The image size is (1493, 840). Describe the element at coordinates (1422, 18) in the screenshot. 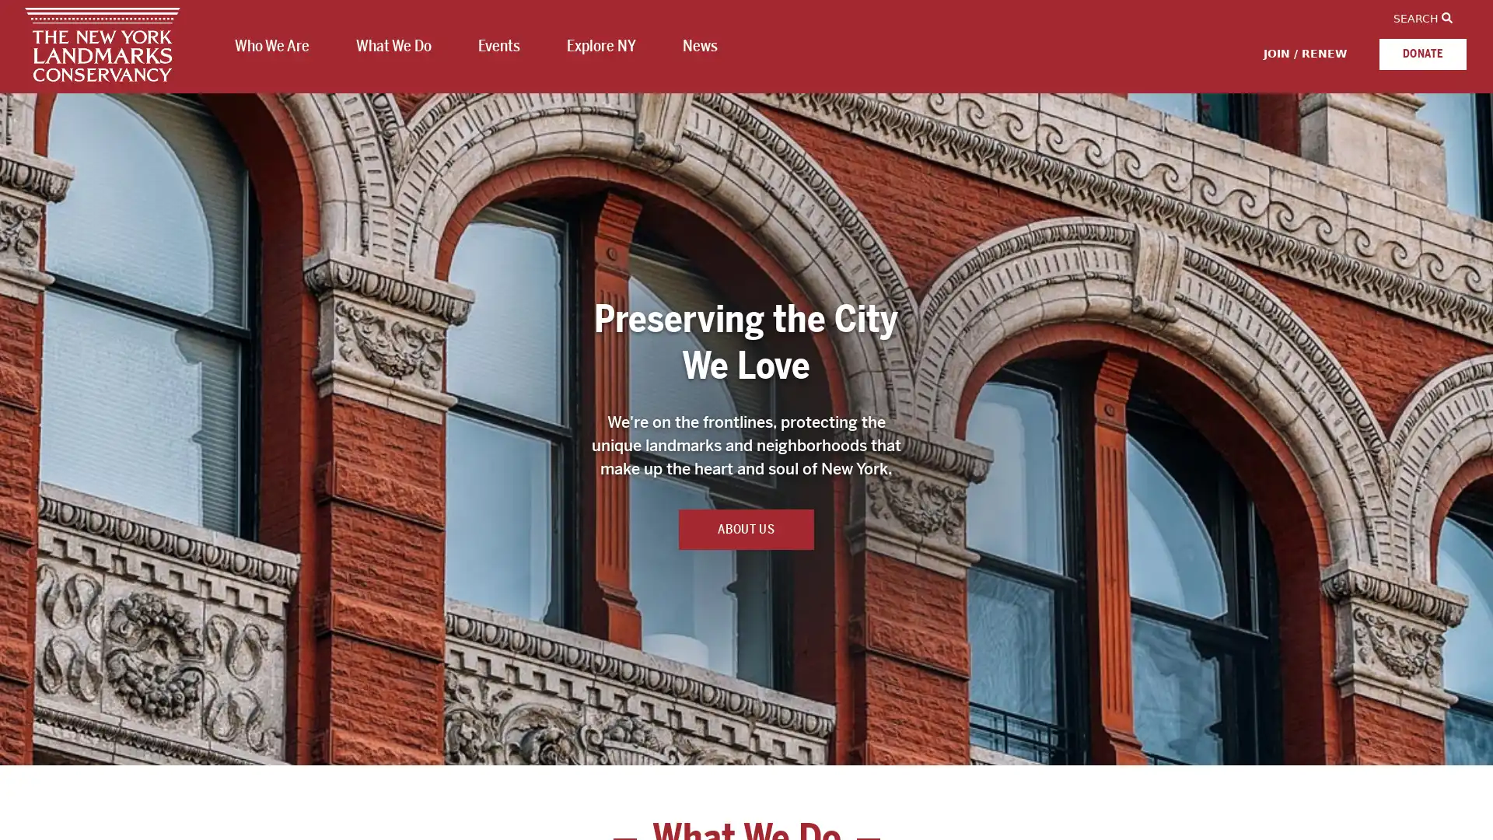

I see `SEARCH` at that location.